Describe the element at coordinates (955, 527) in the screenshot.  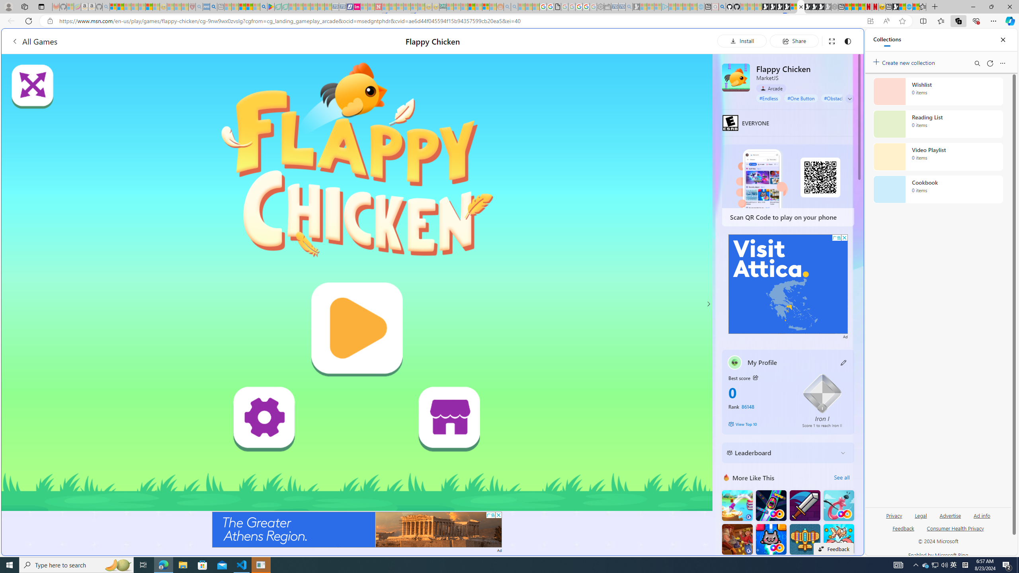
I see `'Consumer Health Privacy'` at that location.